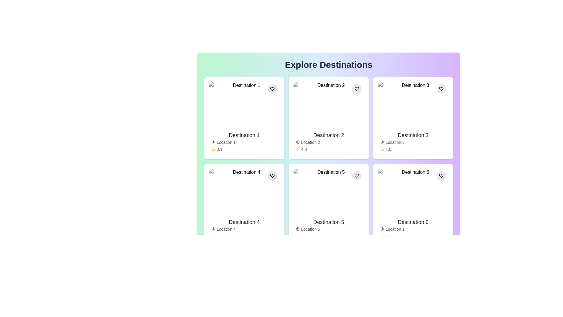 Image resolution: width=563 pixels, height=317 pixels. What do you see at coordinates (441, 89) in the screenshot?
I see `the favorite button in the top-right corner of the 'Destination 3' card` at bounding box center [441, 89].